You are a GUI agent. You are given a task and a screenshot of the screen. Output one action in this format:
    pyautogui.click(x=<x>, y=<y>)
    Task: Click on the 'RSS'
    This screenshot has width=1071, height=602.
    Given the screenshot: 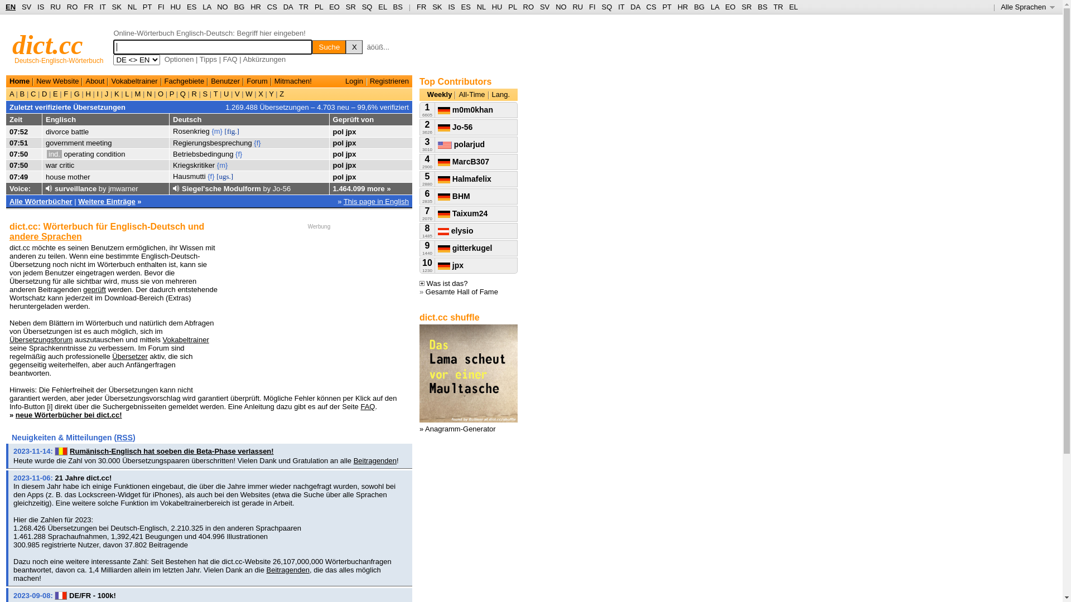 What is the action you would take?
    pyautogui.click(x=124, y=437)
    